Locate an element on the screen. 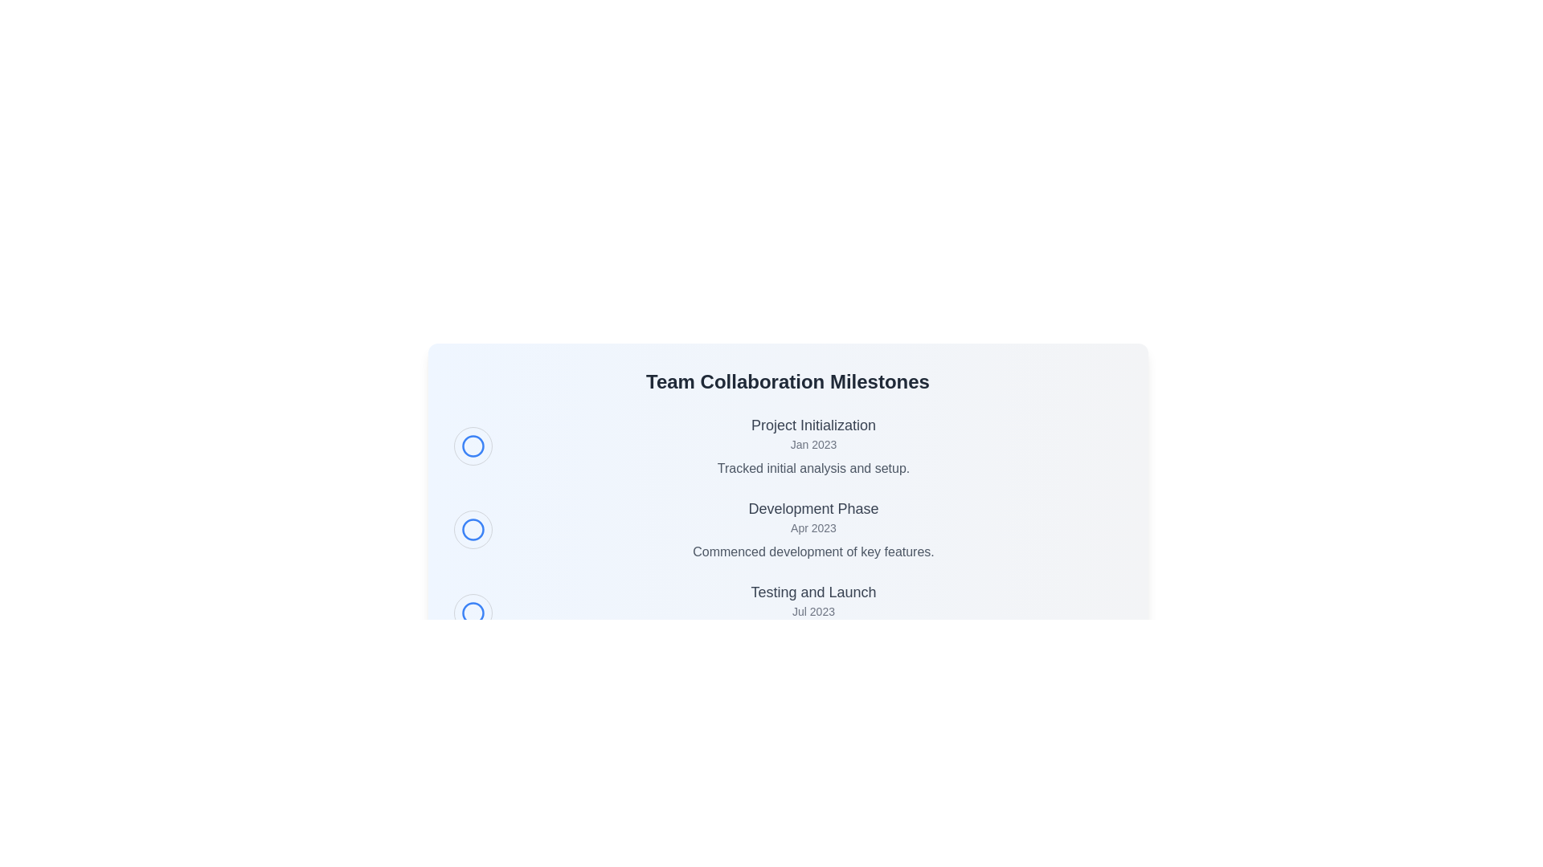 This screenshot has width=1543, height=867. the bold, large-sized text 'Team Collaboration Milestones' located at the top of the card-like component is located at coordinates (788, 381).